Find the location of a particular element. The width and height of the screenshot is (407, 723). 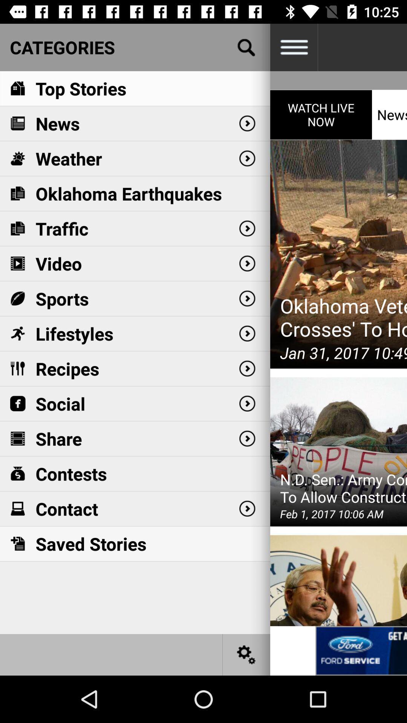

the search icon is located at coordinates (246, 47).